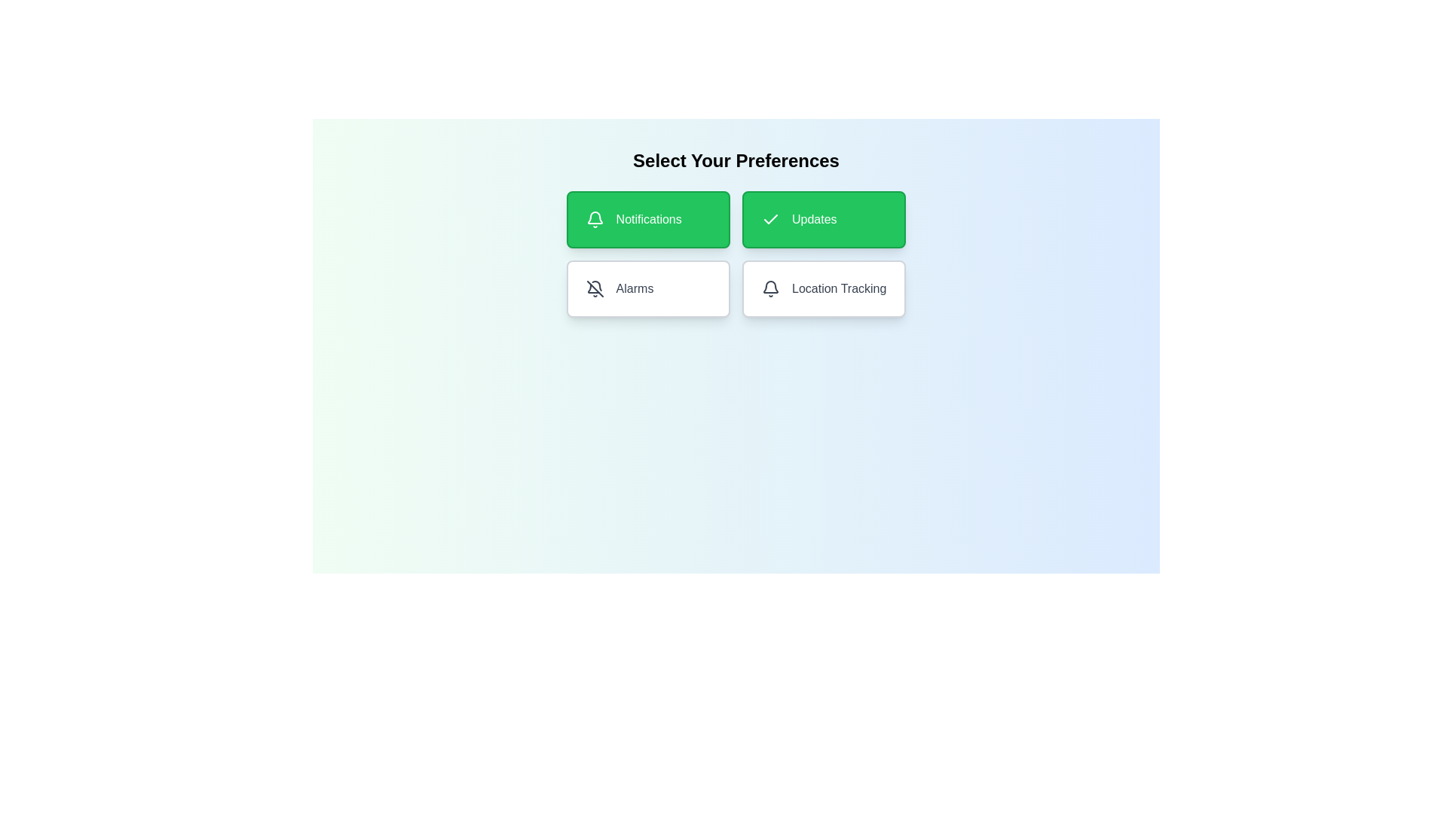 This screenshot has height=813, width=1447. What do you see at coordinates (647, 289) in the screenshot?
I see `the button labeled Alarms to observe its hover effect` at bounding box center [647, 289].